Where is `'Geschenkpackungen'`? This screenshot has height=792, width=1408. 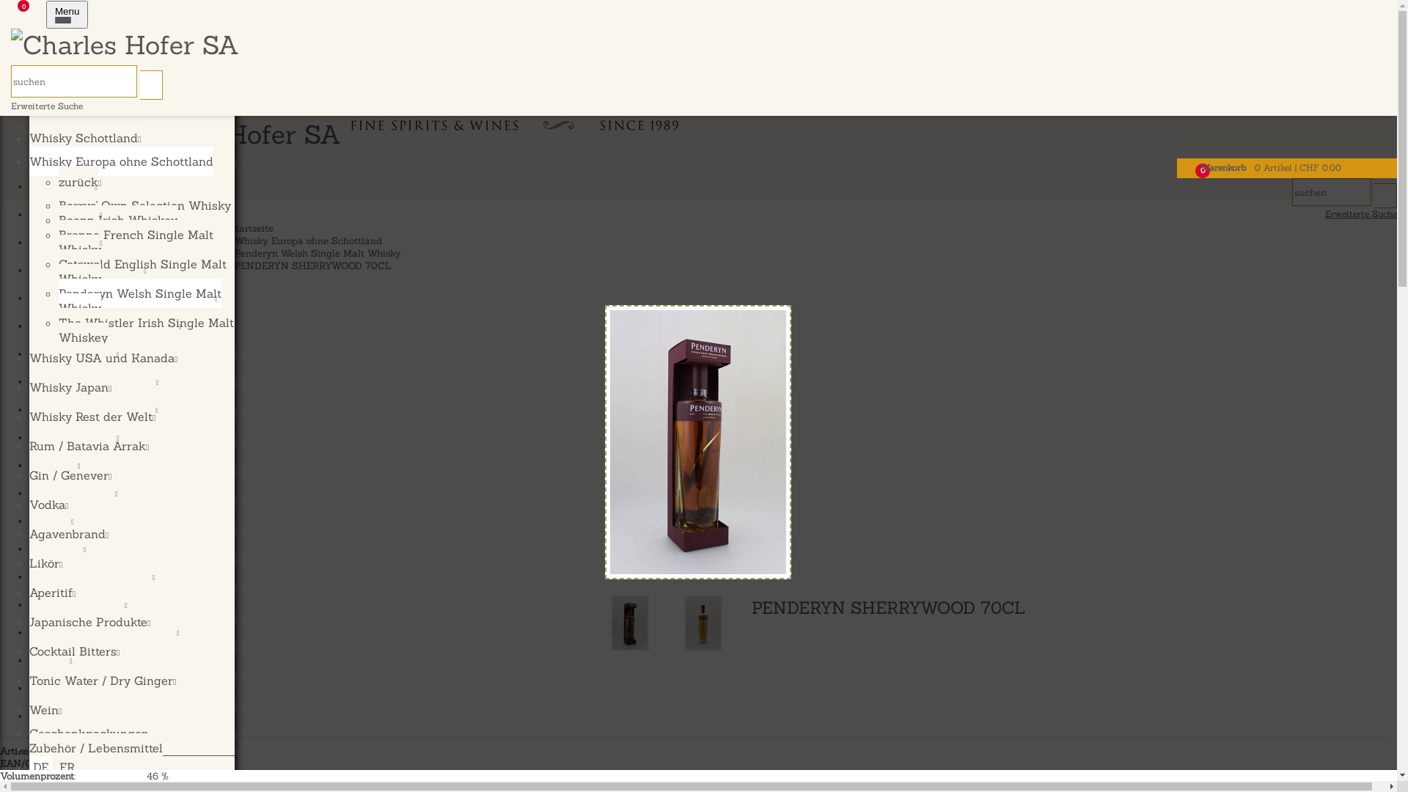
'Geschenkpackungen' is located at coordinates (29, 733).